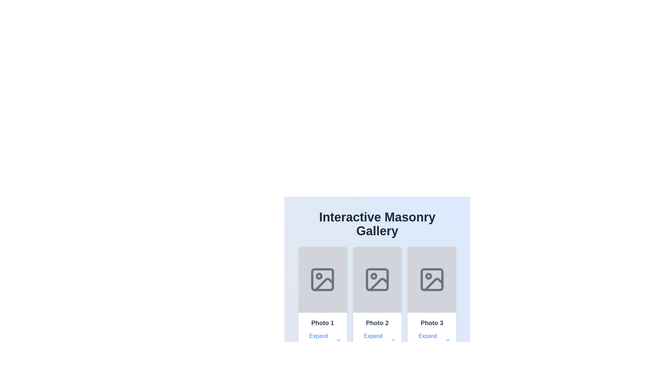 The height and width of the screenshot is (372, 661). I want to click on the selectable option button for 'Photo 2', so click(377, 333).